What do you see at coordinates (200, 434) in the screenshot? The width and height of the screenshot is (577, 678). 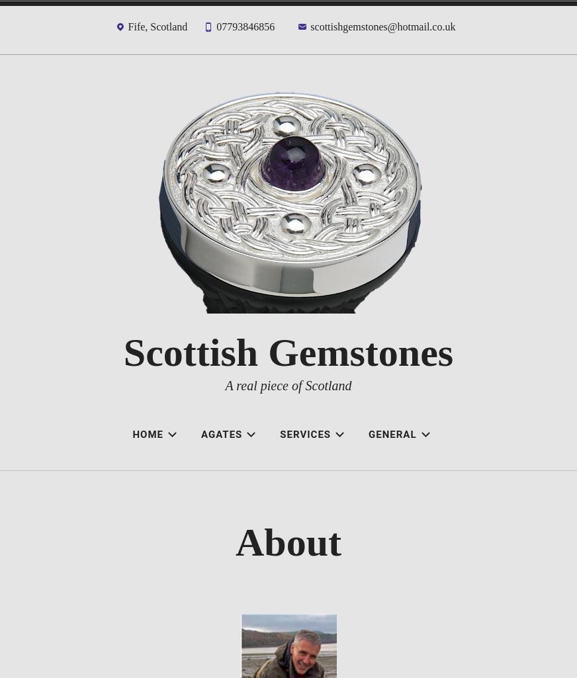 I see `'Agates'` at bounding box center [200, 434].